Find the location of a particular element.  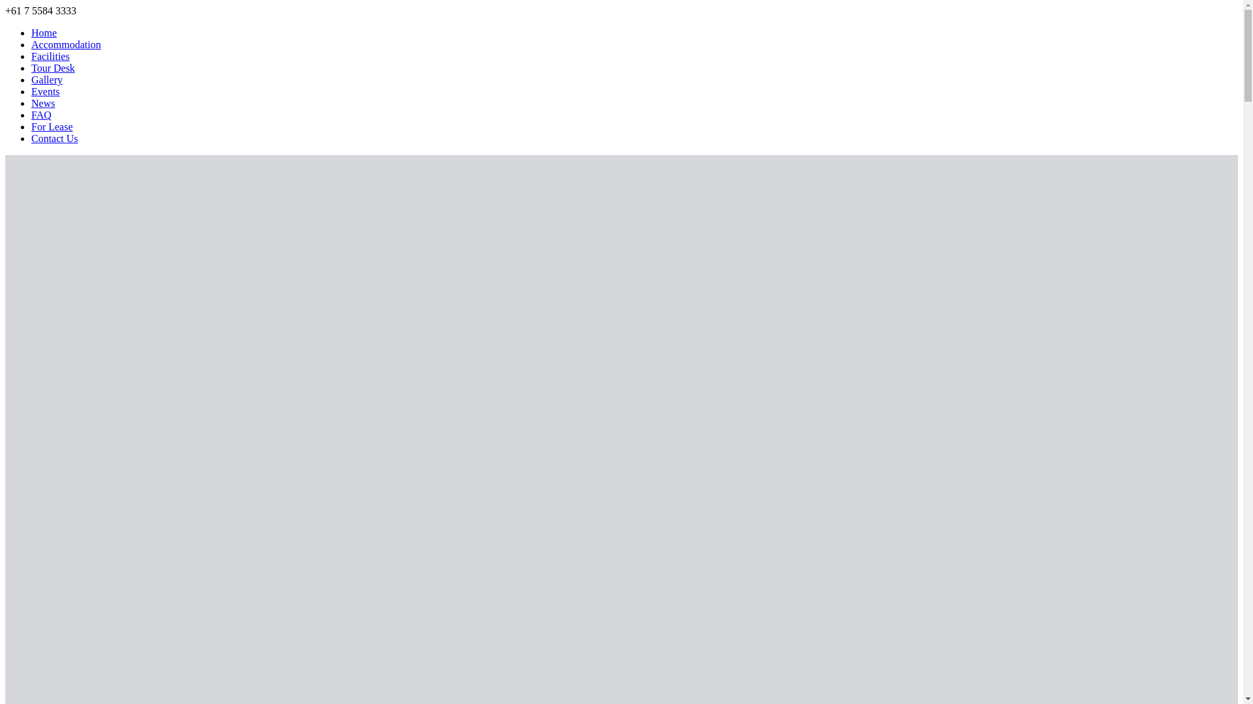

'Accommodation' is located at coordinates (31, 44).